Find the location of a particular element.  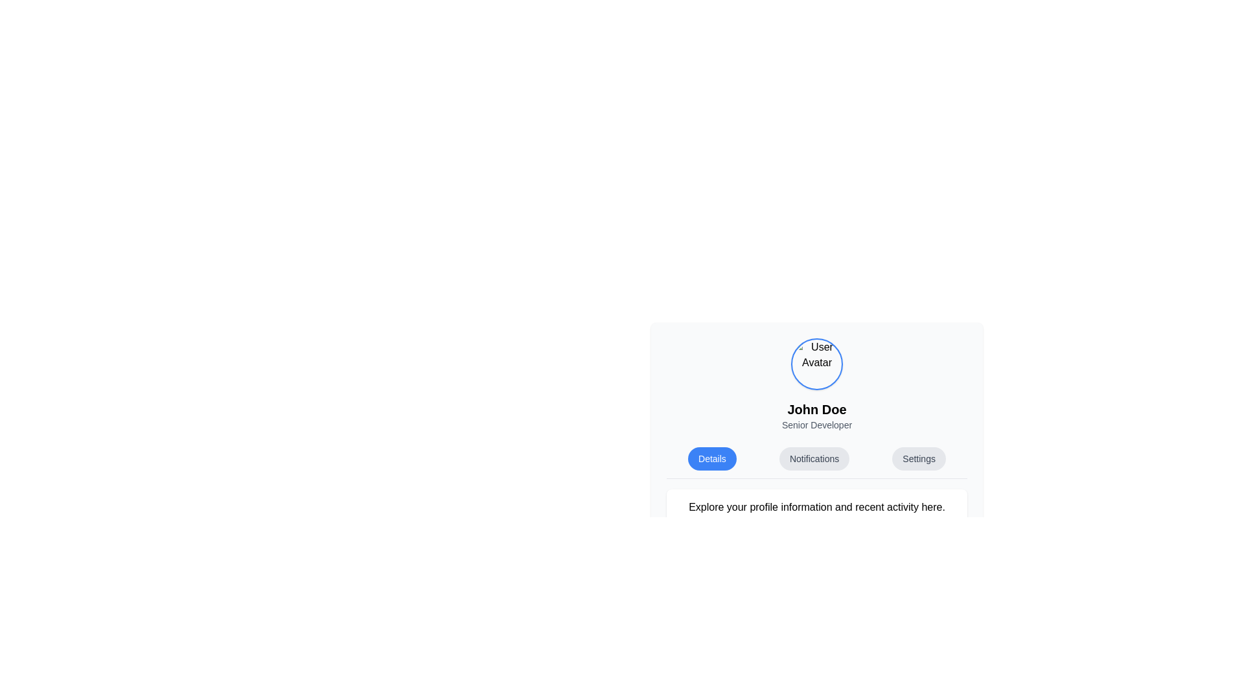

the 'Notifications' button in the navigation bar located in the middle section of the card component beneath the user's name and title is located at coordinates (816, 461).